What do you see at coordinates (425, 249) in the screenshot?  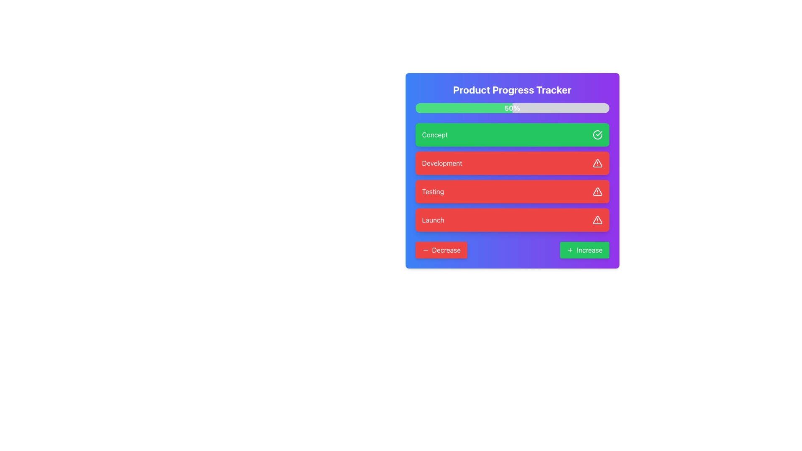 I see `the 'Decrease' button icon located at the bottom-left corner of the panel, which serves as a visual indicator to decrement a numerical value` at bounding box center [425, 249].